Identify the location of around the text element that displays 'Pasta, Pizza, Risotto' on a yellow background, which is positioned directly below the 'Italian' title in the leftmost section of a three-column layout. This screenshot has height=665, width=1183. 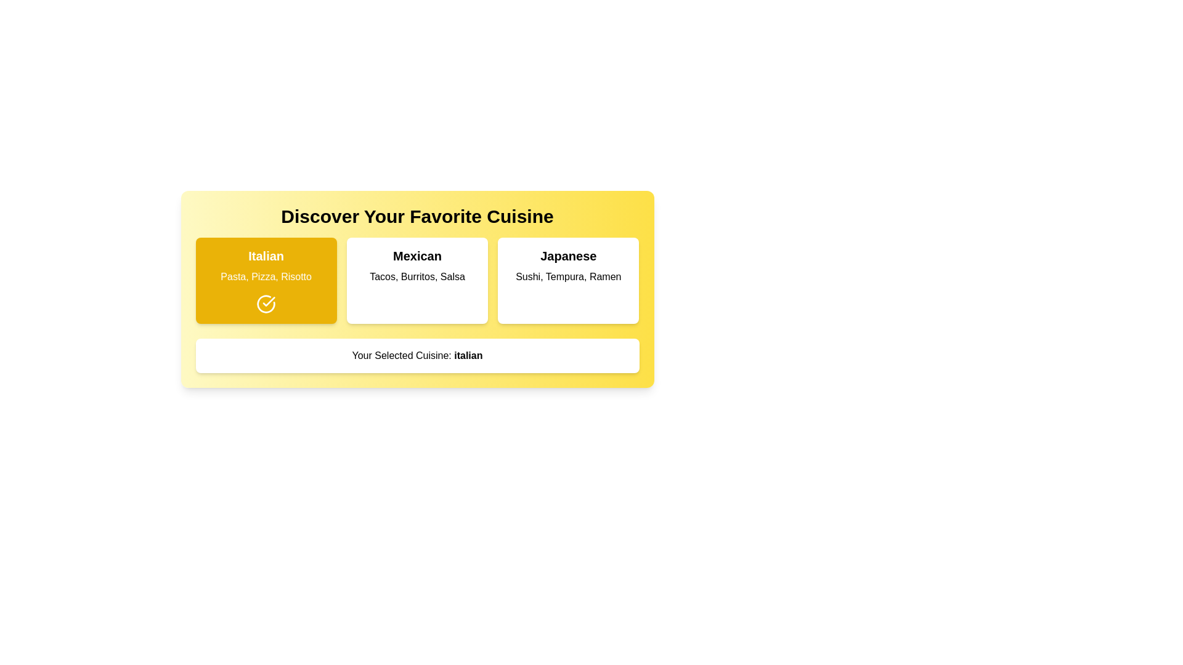
(266, 277).